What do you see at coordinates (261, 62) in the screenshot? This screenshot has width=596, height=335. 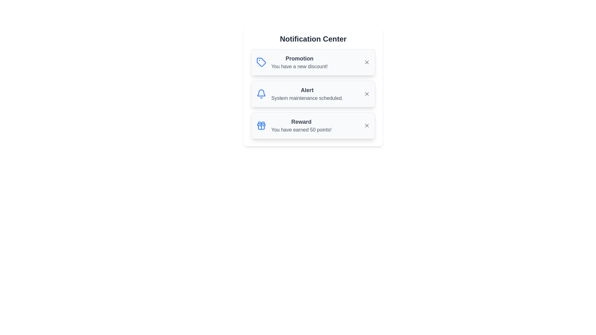 I see `the blue tag icon located in the topmost notification card, to the left of the 'Promotion' text heading` at bounding box center [261, 62].